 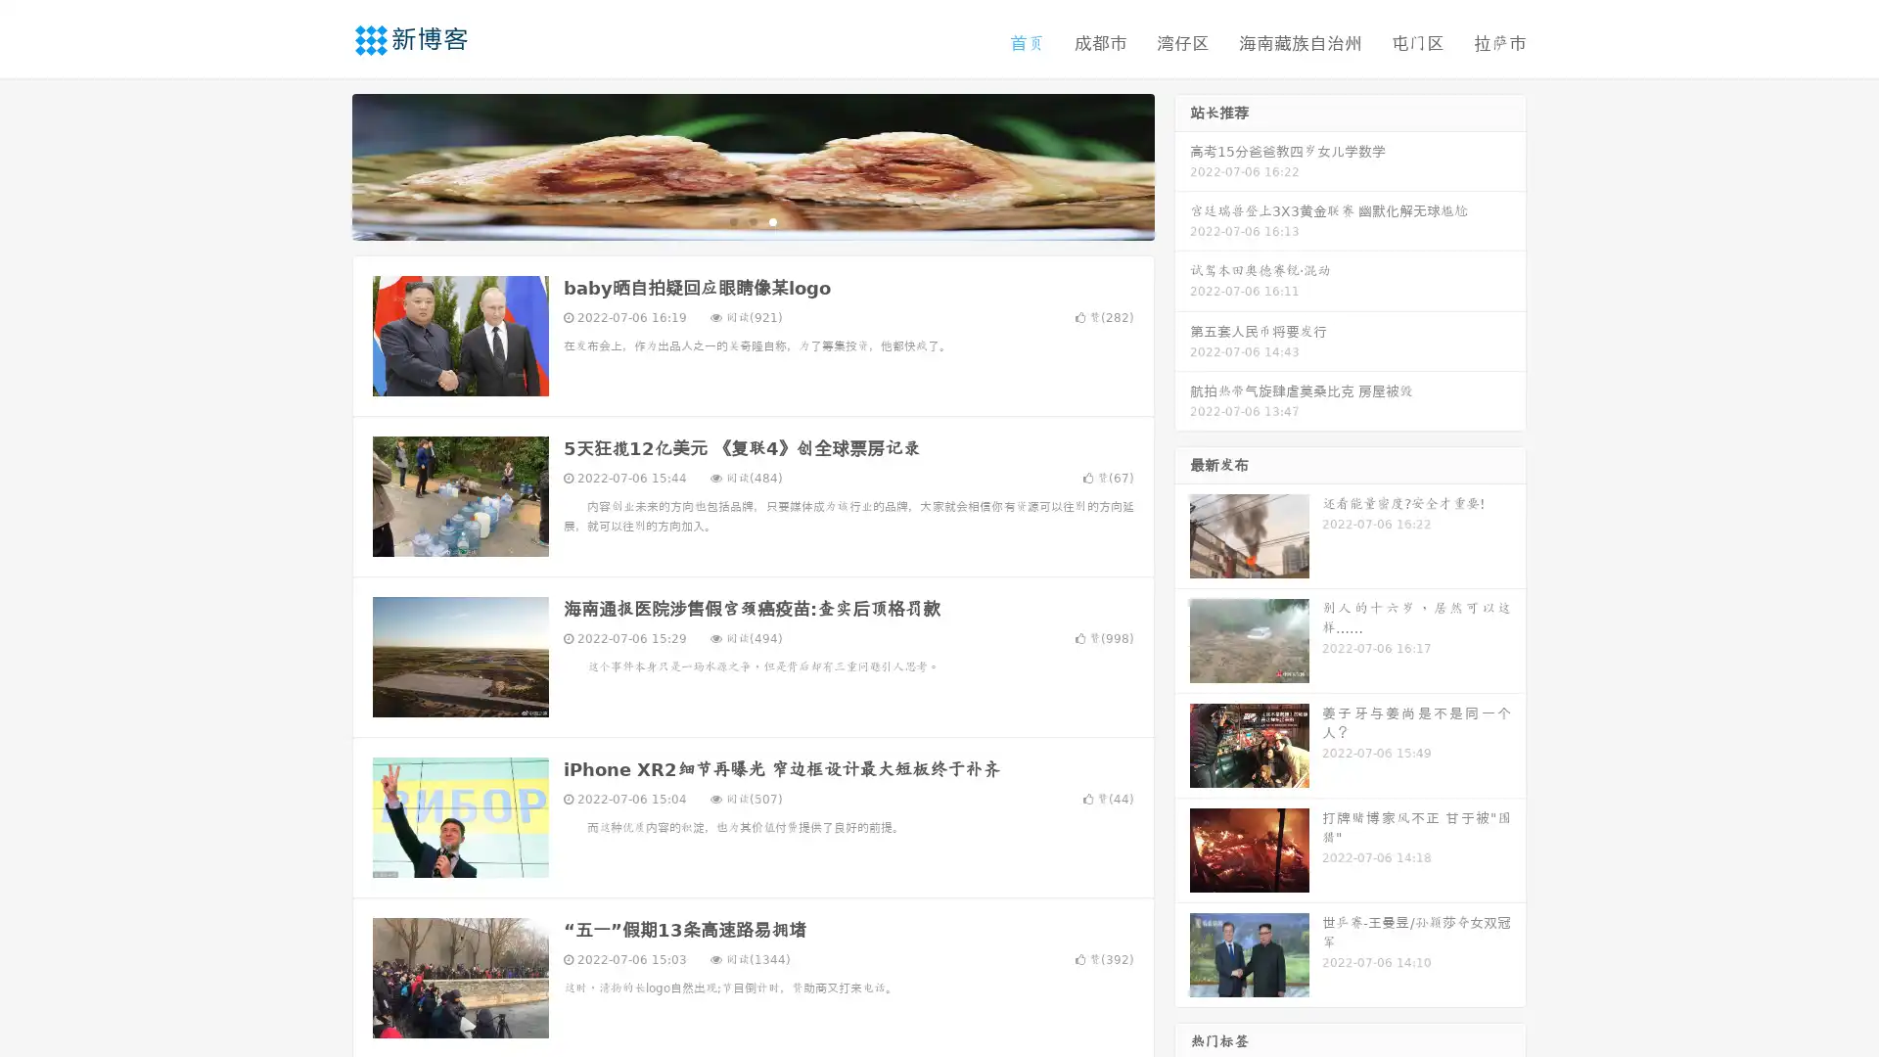 What do you see at coordinates (1182, 164) in the screenshot?
I see `Next slide` at bounding box center [1182, 164].